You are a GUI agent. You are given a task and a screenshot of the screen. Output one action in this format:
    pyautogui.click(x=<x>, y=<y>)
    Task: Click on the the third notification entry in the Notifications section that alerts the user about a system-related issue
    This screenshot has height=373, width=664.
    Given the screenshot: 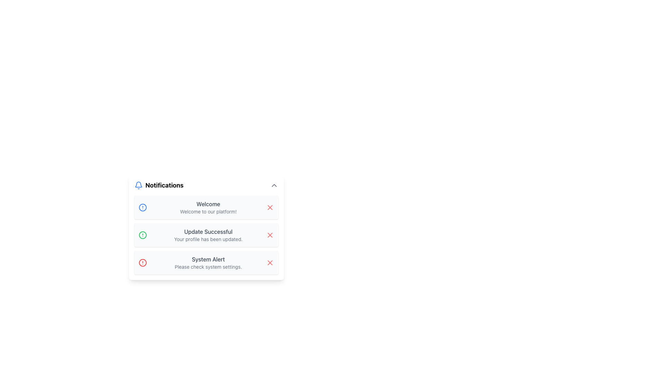 What is the action you would take?
    pyautogui.click(x=208, y=262)
    